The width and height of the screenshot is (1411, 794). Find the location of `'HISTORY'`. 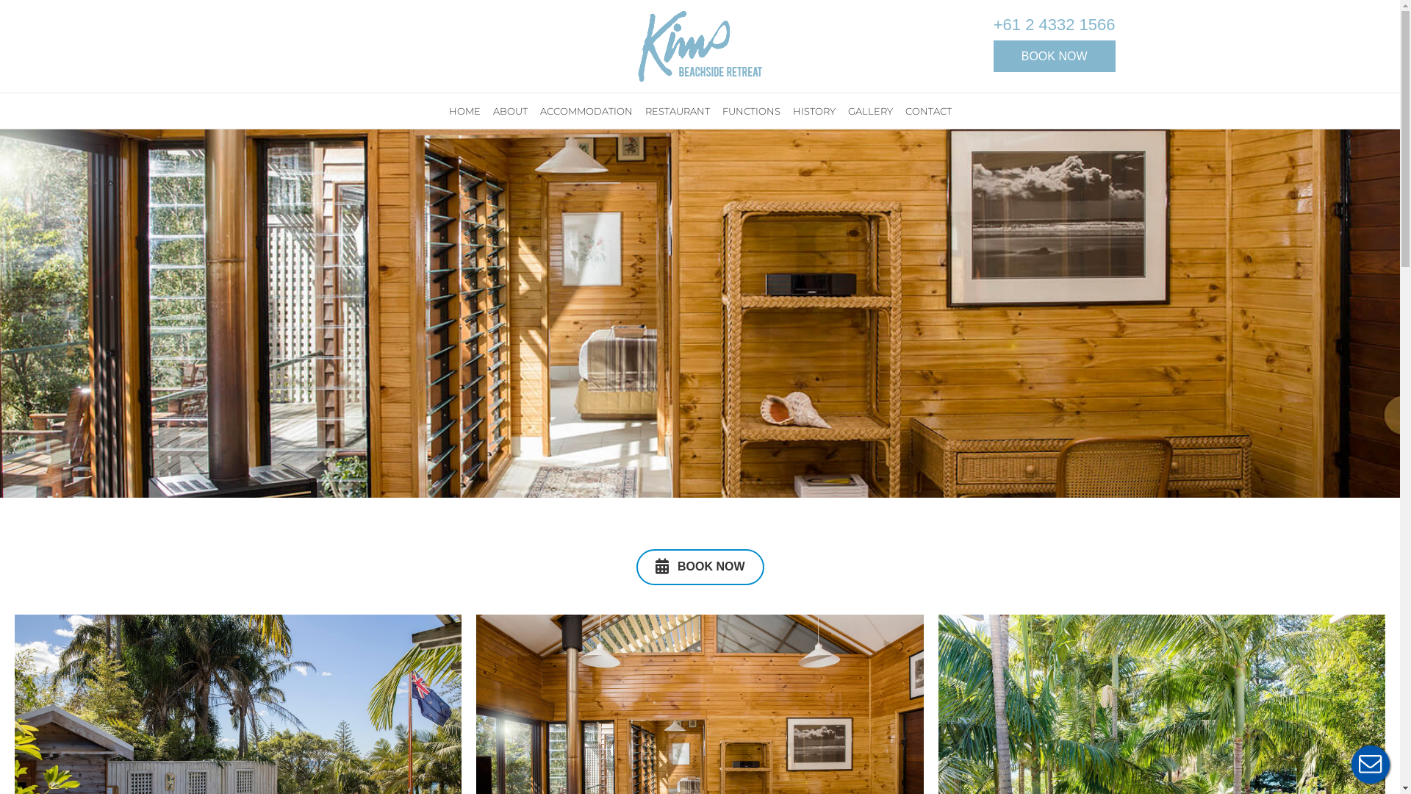

'HISTORY' is located at coordinates (814, 110).